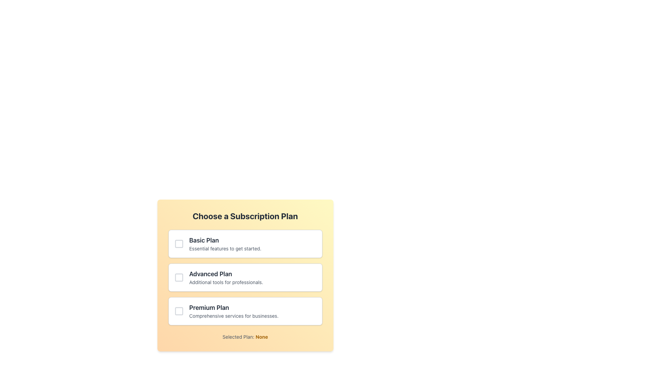 Image resolution: width=660 pixels, height=371 pixels. Describe the element at coordinates (179, 311) in the screenshot. I see `the leftmost checkbox in the 'Premium Plan' section` at that location.